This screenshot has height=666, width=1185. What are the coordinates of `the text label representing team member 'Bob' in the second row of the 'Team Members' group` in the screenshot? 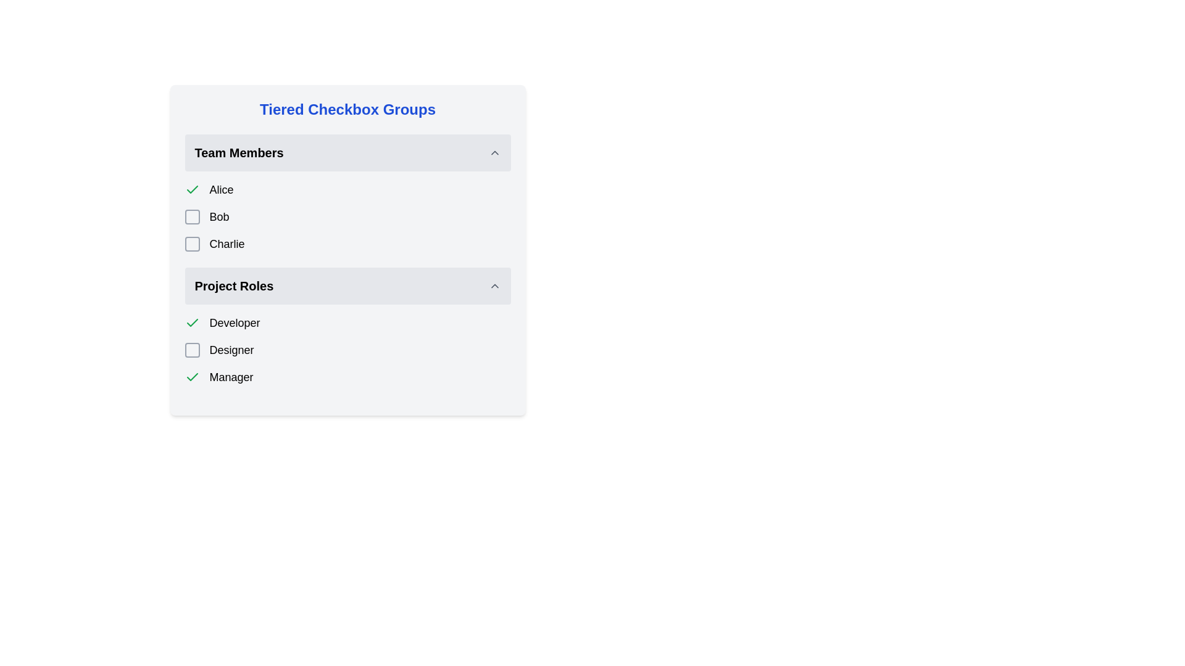 It's located at (219, 216).